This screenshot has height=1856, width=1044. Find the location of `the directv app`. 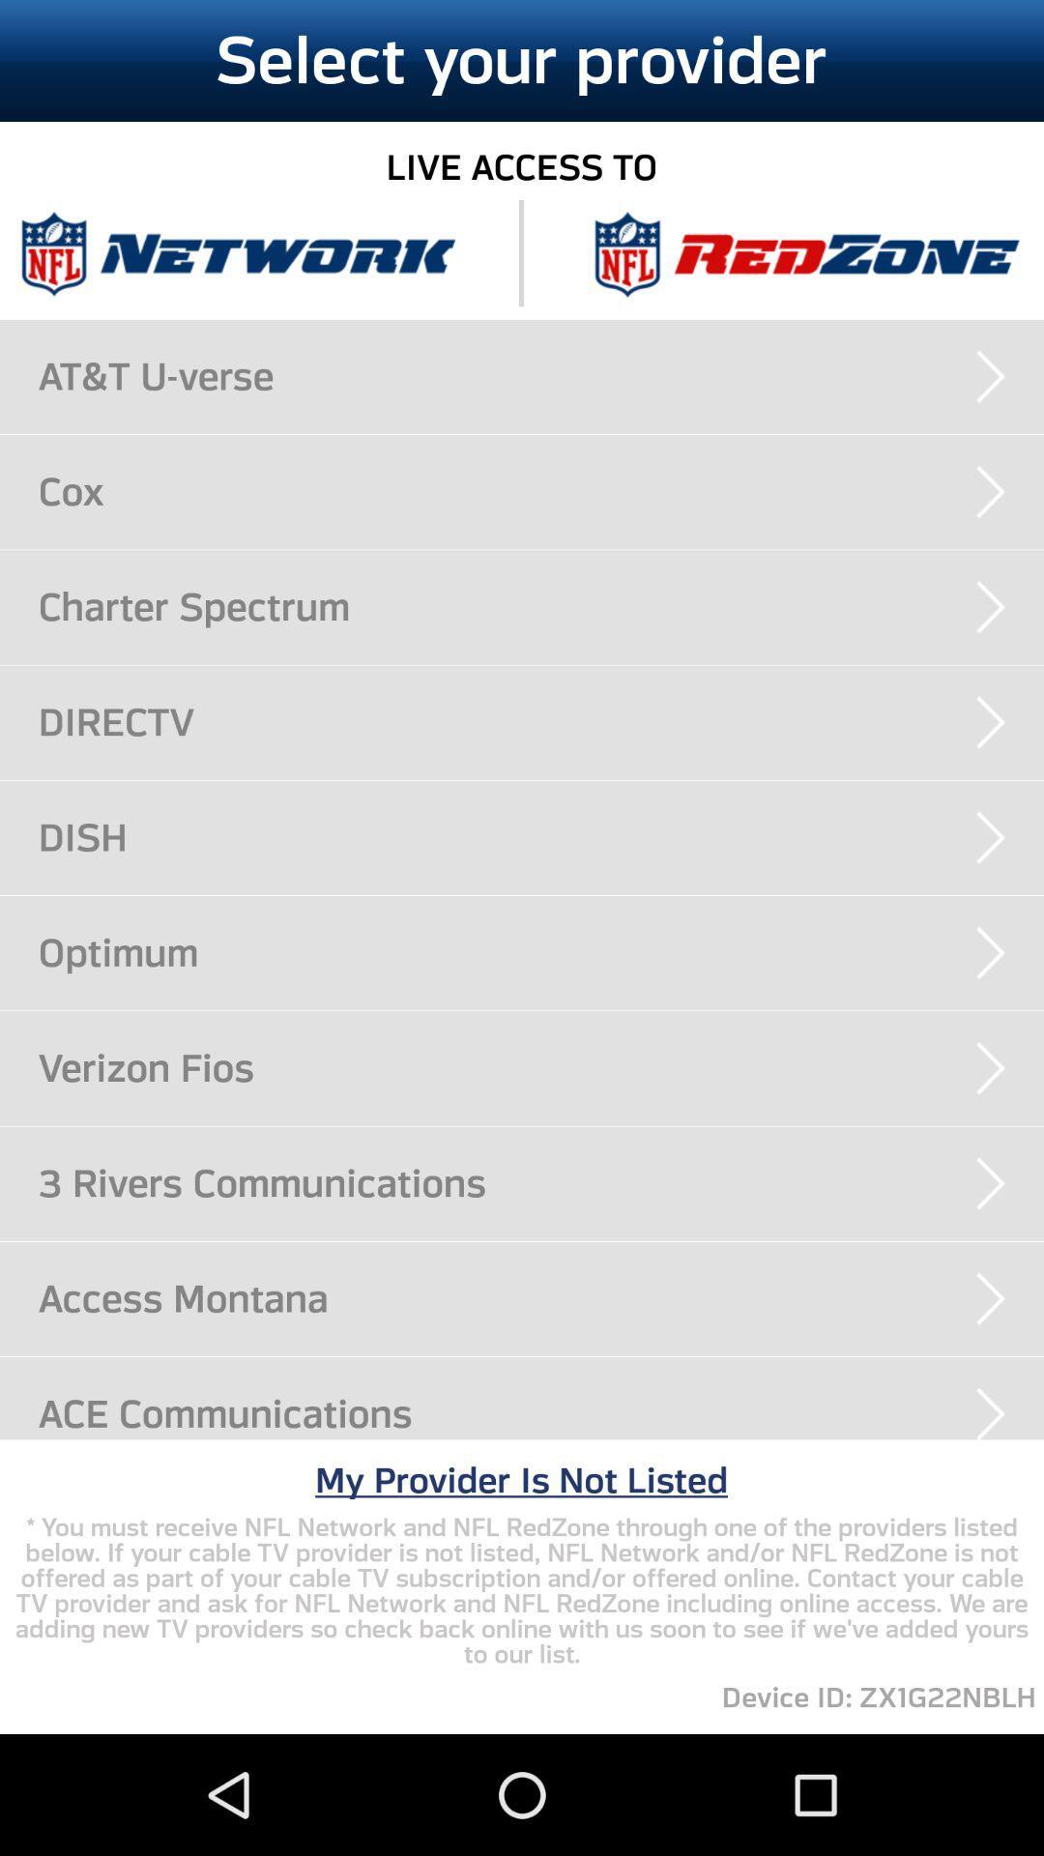

the directv app is located at coordinates (540, 721).